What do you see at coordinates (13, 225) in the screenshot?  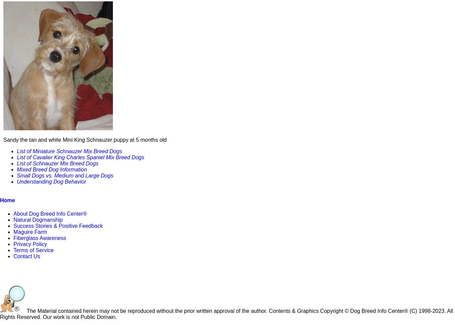 I see `'Success Stories & Positive Feedback'` at bounding box center [13, 225].